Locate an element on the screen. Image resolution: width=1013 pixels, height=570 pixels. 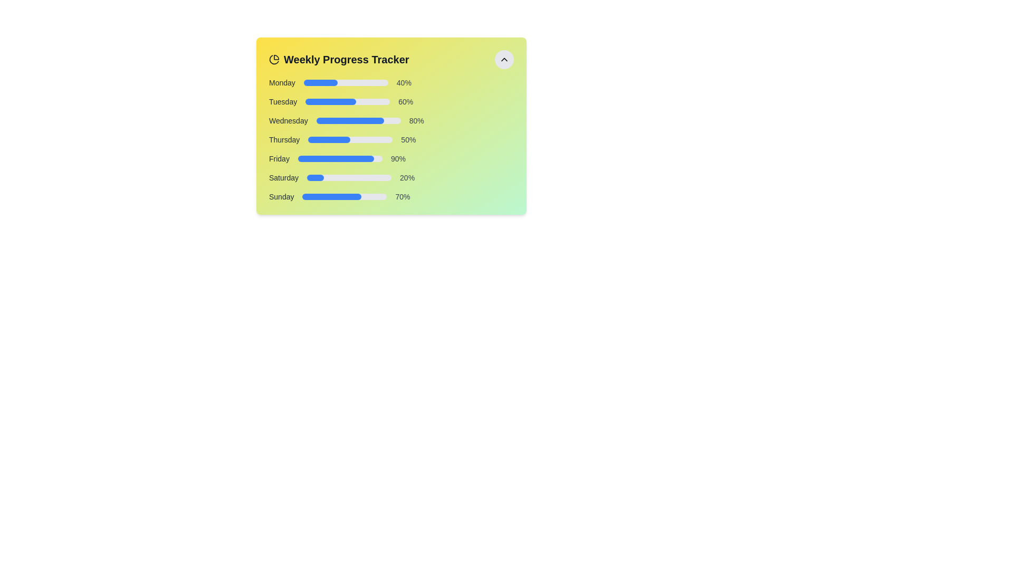
the progress visually on the Progress Bar associated with the label 'Tuesday', which indicates a 60% completion status is located at coordinates (348, 101).